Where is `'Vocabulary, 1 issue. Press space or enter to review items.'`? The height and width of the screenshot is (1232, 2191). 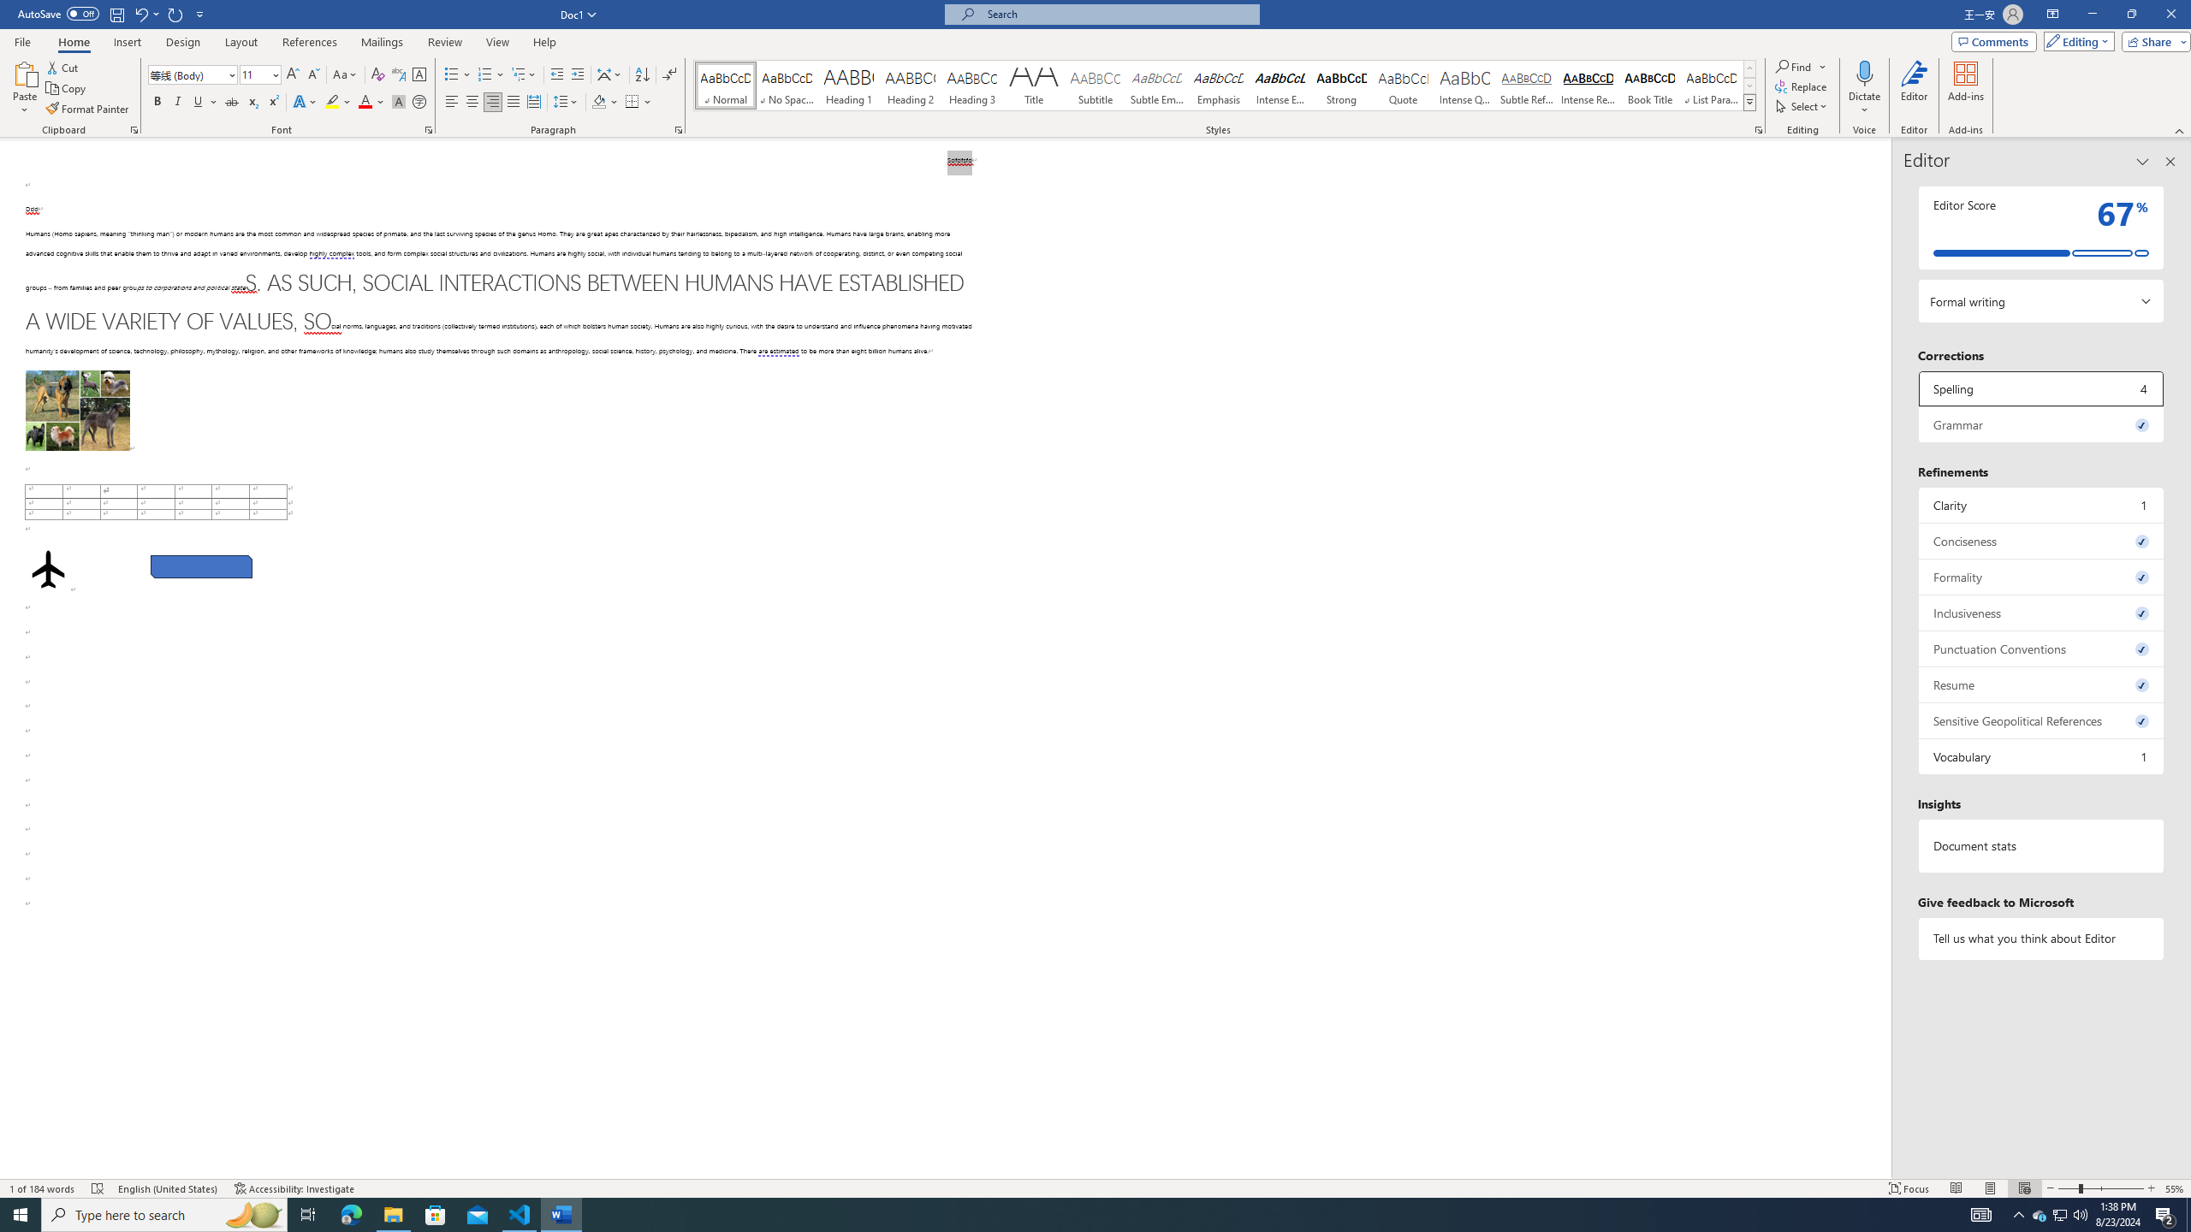
'Vocabulary, 1 issue. Press space or enter to review items.' is located at coordinates (2040, 756).